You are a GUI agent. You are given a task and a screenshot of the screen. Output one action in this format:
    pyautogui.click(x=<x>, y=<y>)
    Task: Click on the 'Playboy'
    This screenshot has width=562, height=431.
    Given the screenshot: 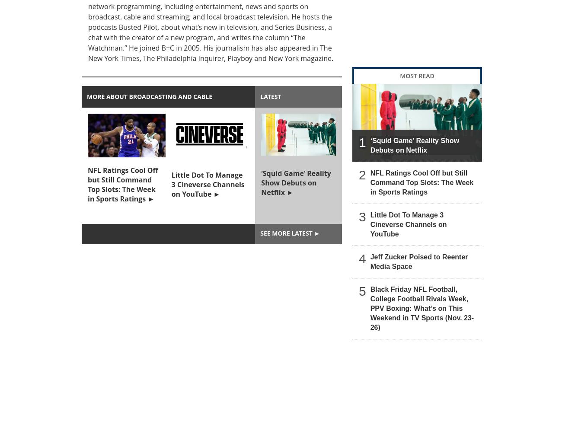 What is the action you would take?
    pyautogui.click(x=227, y=58)
    